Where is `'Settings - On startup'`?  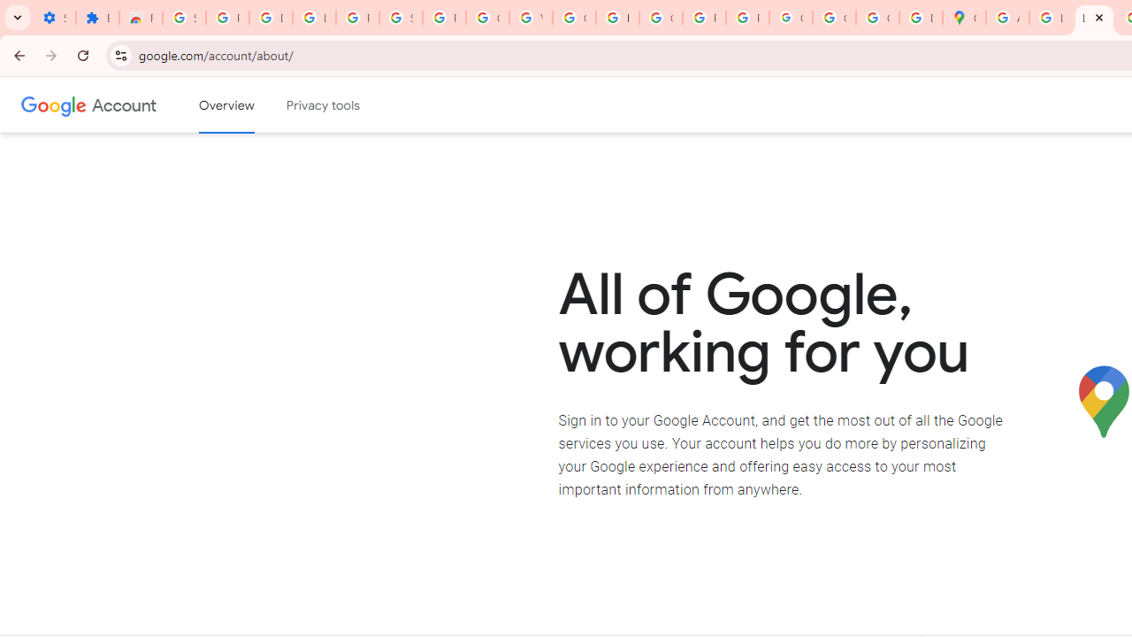 'Settings - On startup' is located at coordinates (54, 18).